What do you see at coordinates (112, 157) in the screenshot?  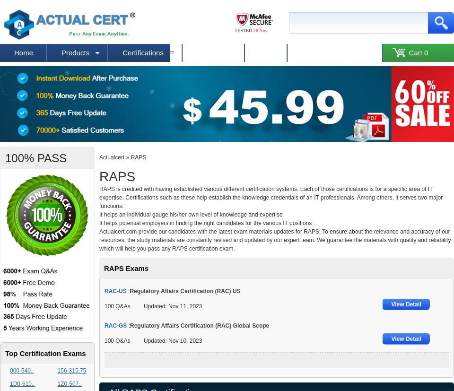 I see `'Actualcert'` at bounding box center [112, 157].